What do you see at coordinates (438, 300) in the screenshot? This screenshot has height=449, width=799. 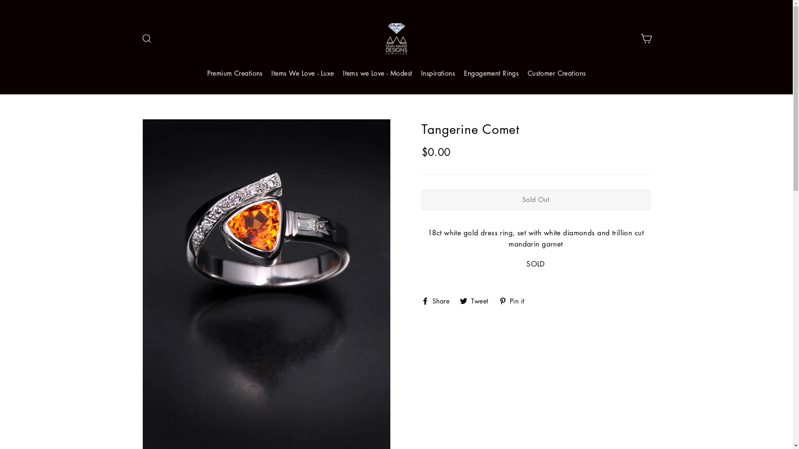 I see `'Share` at bounding box center [438, 300].